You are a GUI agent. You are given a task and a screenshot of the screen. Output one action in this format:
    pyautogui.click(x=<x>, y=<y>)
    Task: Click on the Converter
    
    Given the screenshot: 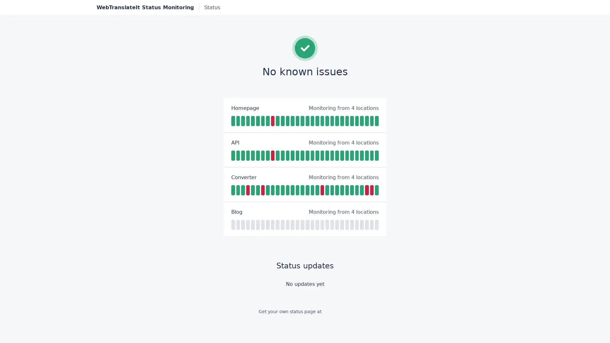 What is the action you would take?
    pyautogui.click(x=244, y=177)
    